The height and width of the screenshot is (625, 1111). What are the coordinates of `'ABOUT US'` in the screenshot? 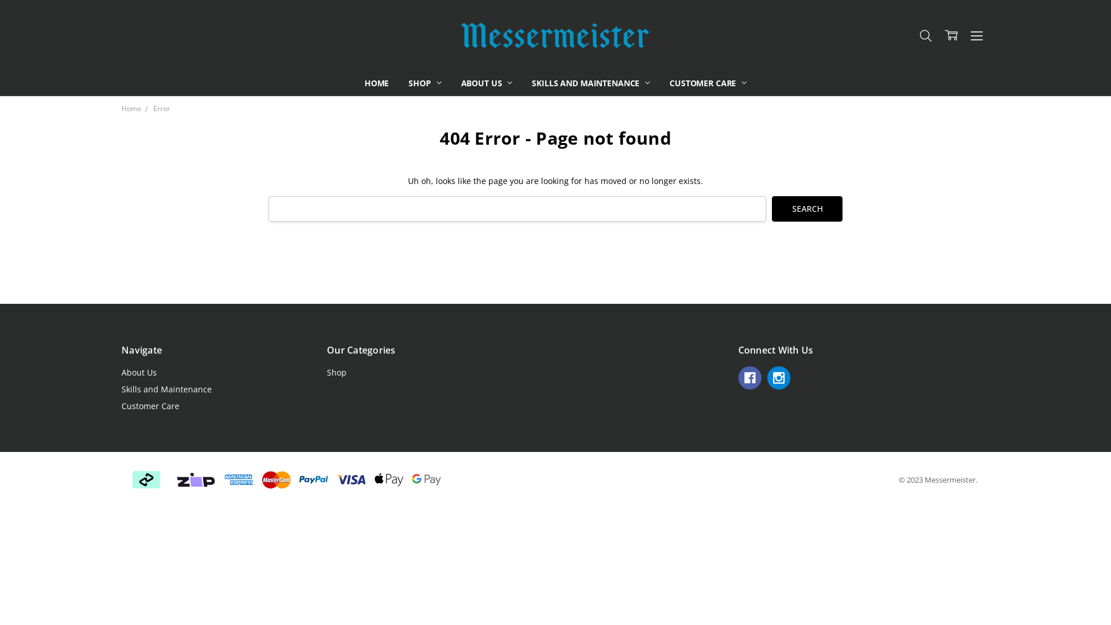 It's located at (487, 82).